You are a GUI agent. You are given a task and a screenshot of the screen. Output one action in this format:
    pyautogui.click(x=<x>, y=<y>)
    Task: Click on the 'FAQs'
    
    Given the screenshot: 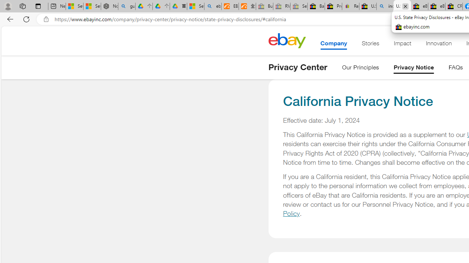 What is the action you would take?
    pyautogui.click(x=455, y=69)
    